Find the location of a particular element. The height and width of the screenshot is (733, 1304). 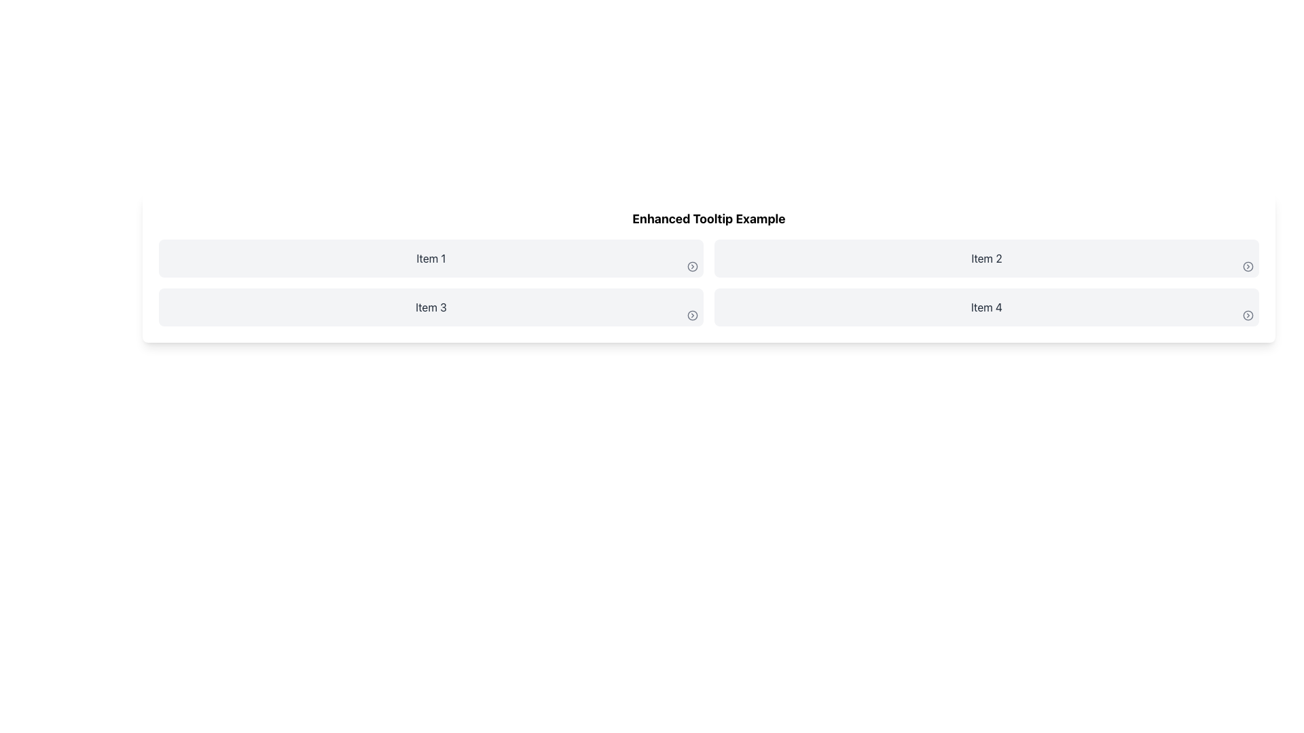

to interact with the card displaying 'Item 2', located in the first row, second column of the grid layout is located at coordinates (987, 259).